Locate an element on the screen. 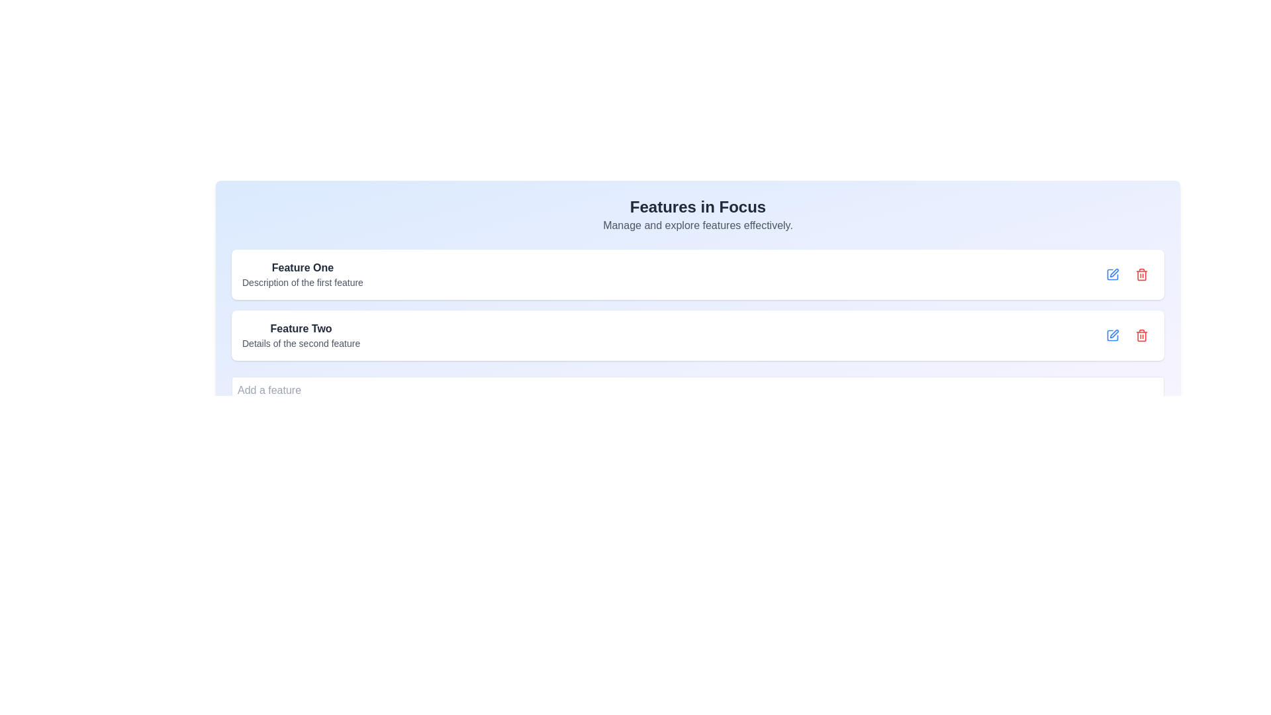 The width and height of the screenshot is (1271, 715). the blue pen icon located in the second feature row, to the right of the delete icon, to initiate an edit action is located at coordinates (1113, 333).